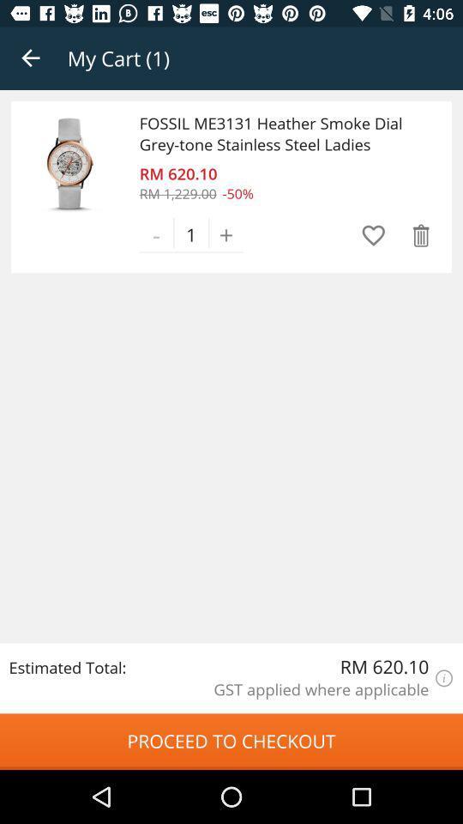  What do you see at coordinates (372, 234) in the screenshot?
I see `like` at bounding box center [372, 234].